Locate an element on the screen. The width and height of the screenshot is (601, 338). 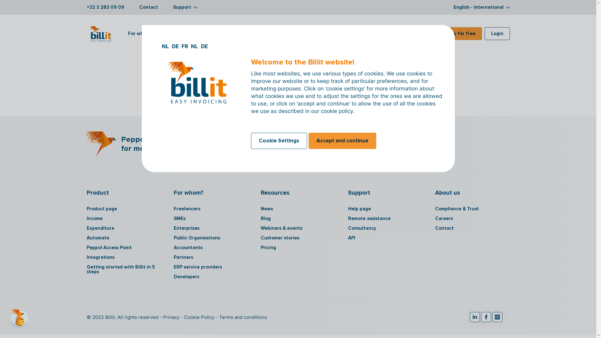
'Webinars & events' is located at coordinates (297, 228).